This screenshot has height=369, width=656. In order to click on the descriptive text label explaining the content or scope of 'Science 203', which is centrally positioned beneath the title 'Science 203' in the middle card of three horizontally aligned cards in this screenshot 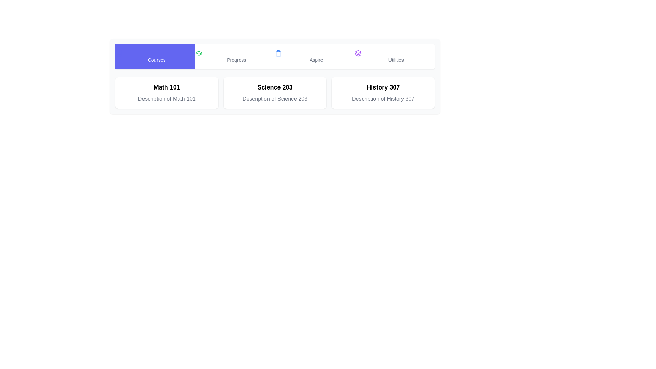, I will do `click(275, 99)`.